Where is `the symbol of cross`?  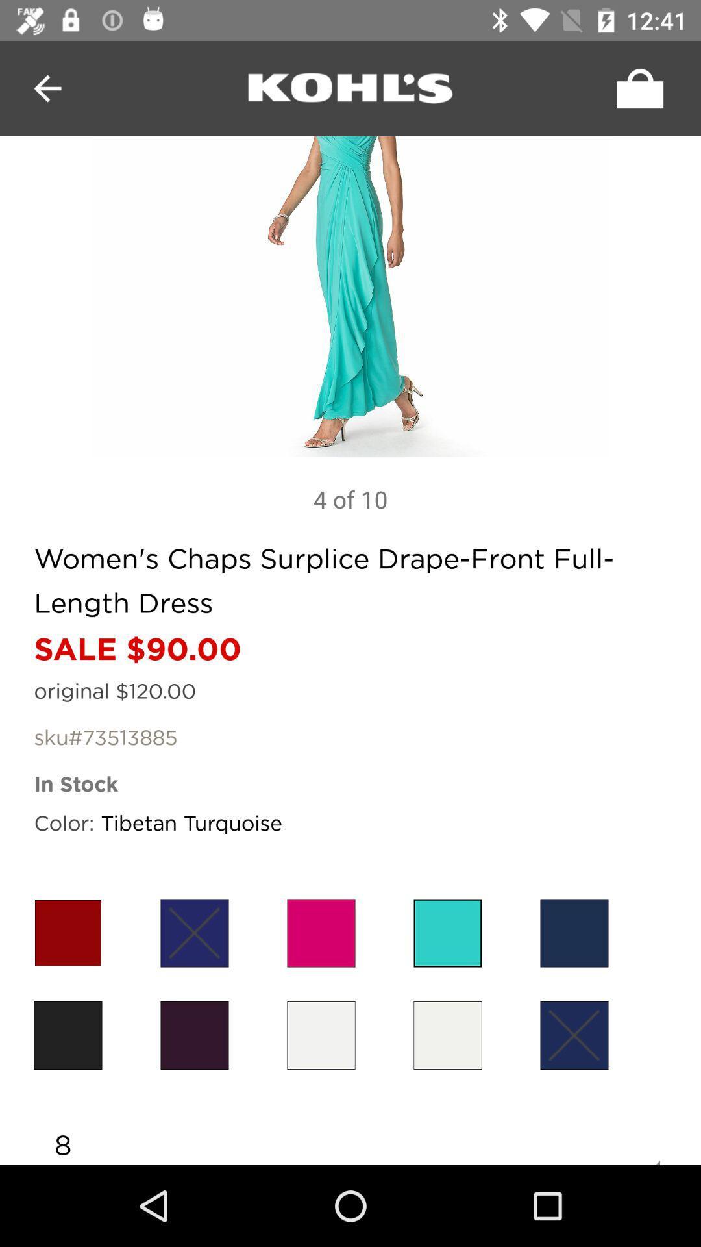
the symbol of cross is located at coordinates (195, 932).